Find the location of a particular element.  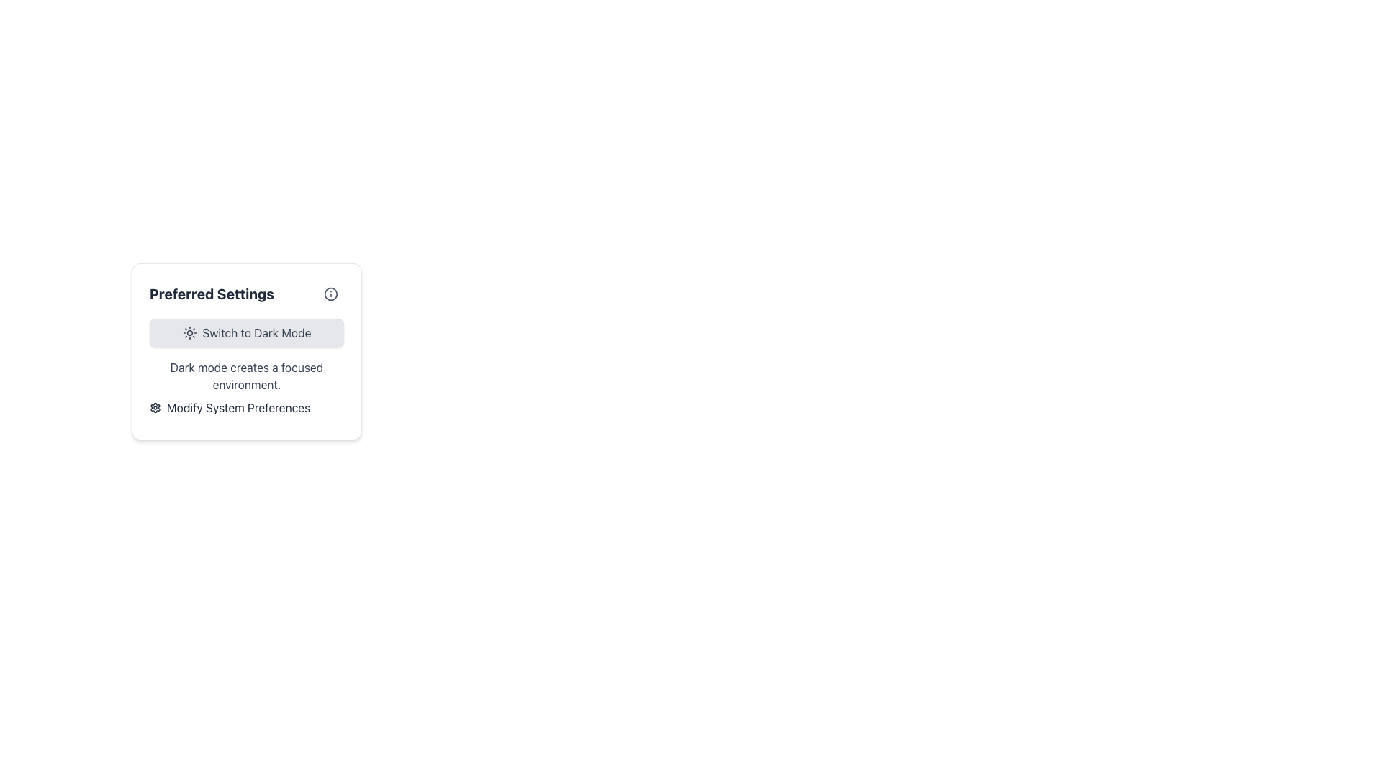

the sun icon that represents brightness or light mode, located to the left of the 'Switch to Dark Mode' text in a light gray button within the 'Preferred Settings' card is located at coordinates (189, 332).